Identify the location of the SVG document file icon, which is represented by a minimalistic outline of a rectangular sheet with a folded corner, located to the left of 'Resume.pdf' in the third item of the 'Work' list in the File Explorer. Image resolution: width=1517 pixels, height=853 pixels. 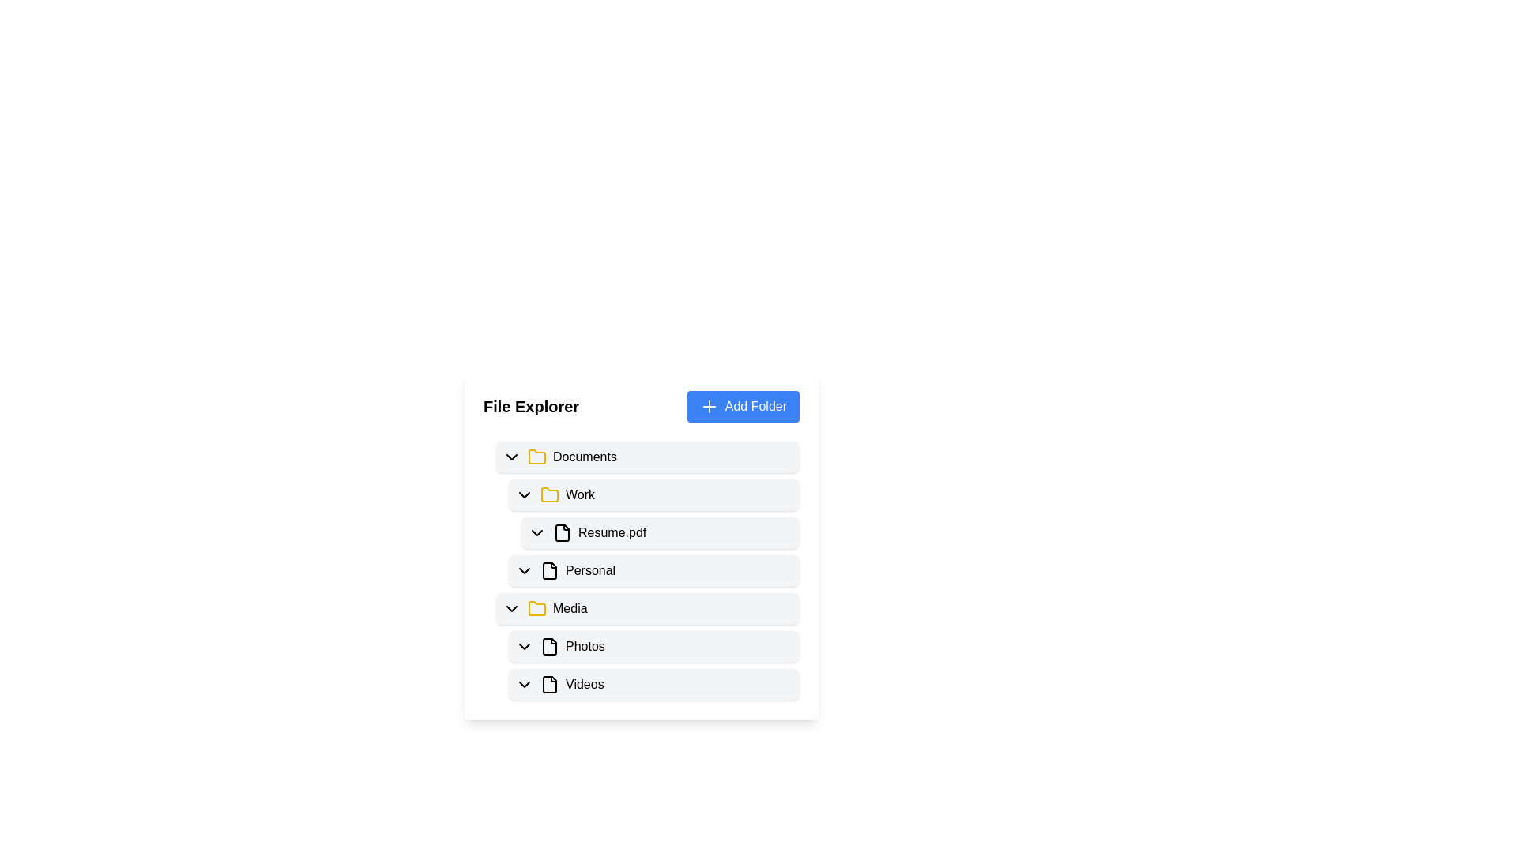
(562, 533).